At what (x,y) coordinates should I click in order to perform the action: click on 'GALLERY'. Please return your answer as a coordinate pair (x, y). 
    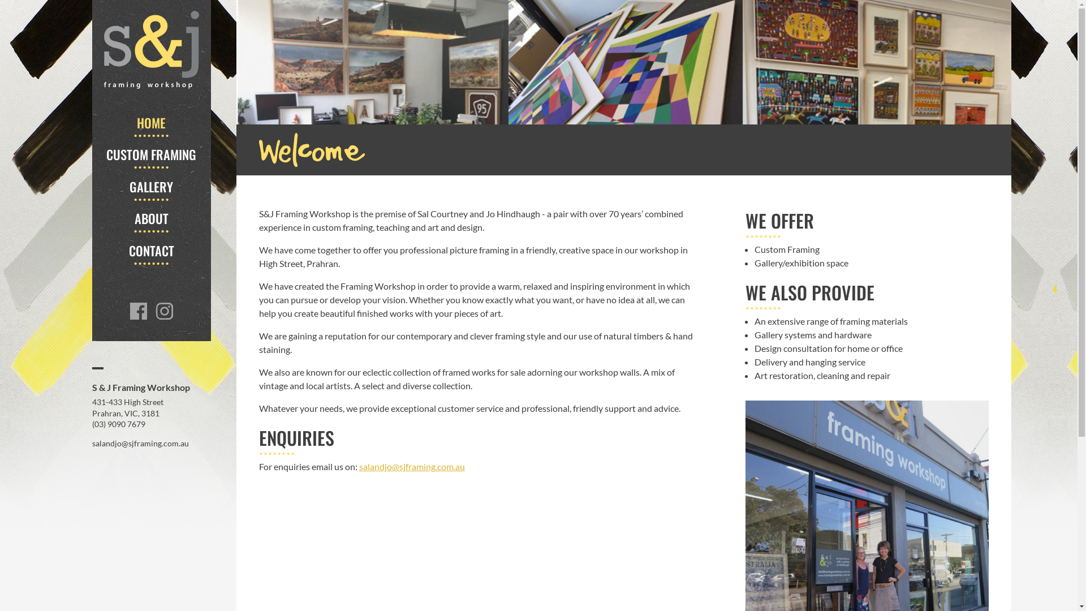
    Looking at the image, I should click on (150, 186).